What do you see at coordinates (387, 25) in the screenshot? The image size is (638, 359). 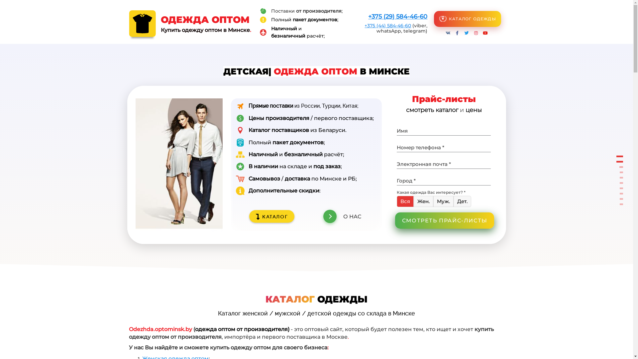 I see `'+375 (44) 584-46-60'` at bounding box center [387, 25].